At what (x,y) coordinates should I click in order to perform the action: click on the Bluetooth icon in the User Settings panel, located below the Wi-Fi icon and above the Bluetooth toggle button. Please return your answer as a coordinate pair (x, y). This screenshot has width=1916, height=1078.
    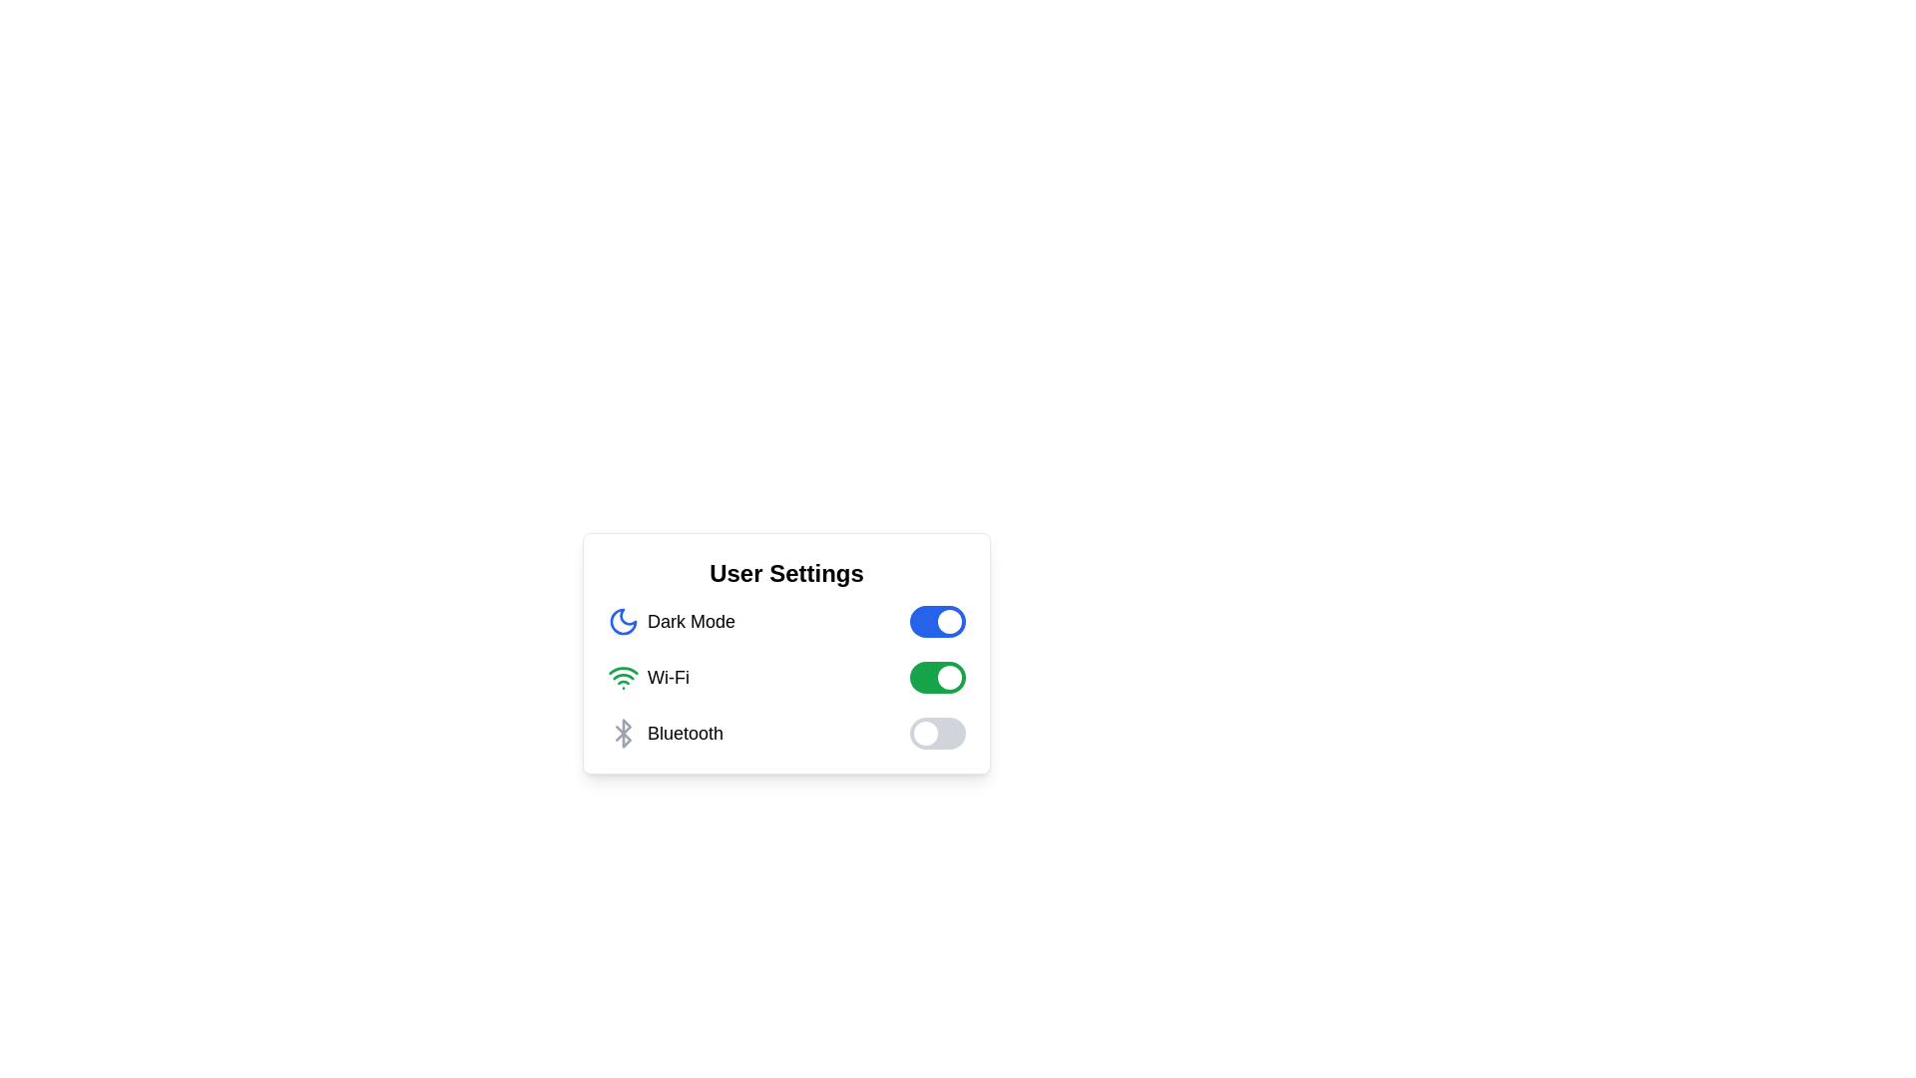
    Looking at the image, I should click on (622, 734).